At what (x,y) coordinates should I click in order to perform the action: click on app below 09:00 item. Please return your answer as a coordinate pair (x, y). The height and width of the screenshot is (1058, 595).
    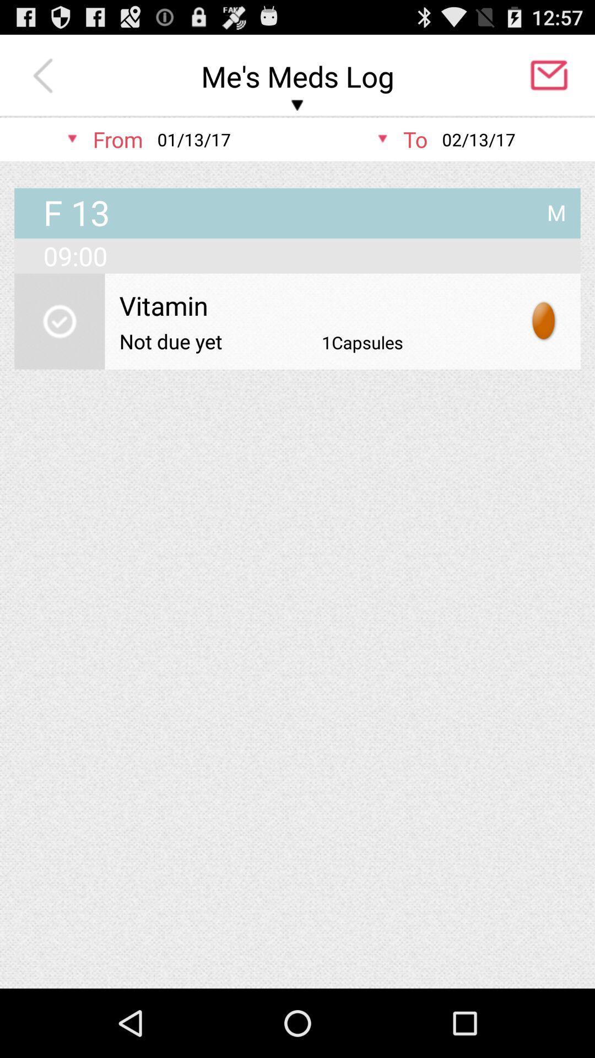
    Looking at the image, I should click on (59, 321).